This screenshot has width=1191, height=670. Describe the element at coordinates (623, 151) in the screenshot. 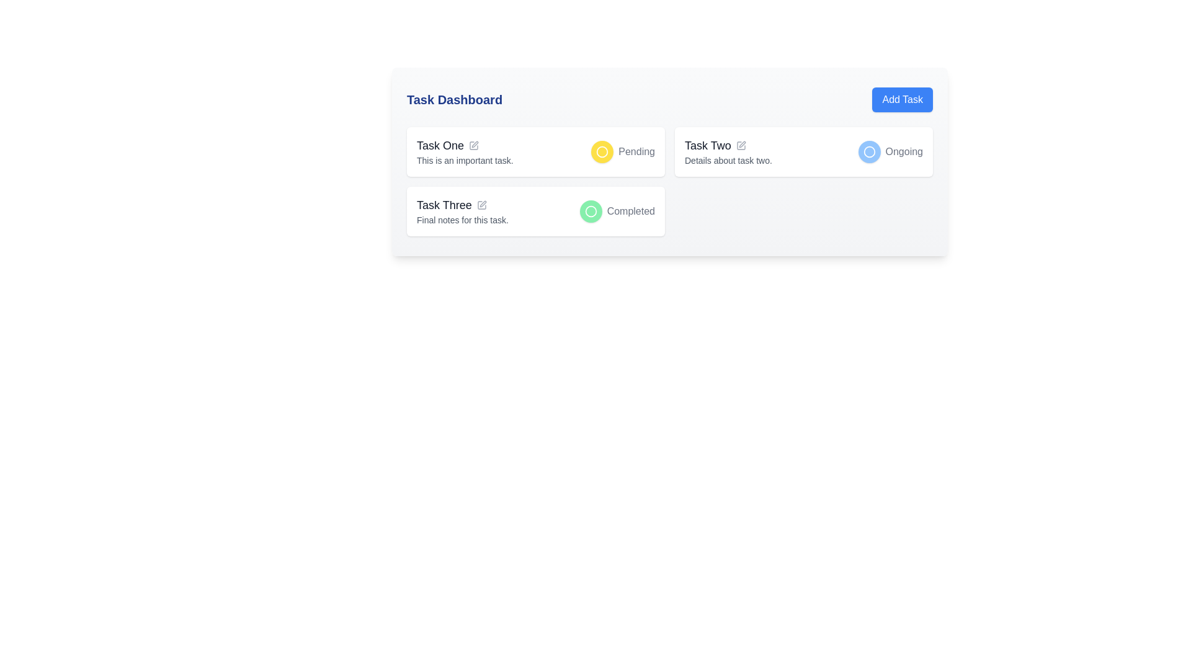

I see `text from the Status indicator located in the top-right corner of the card labeled 'Task One', which currently displays 'Pending'` at that location.